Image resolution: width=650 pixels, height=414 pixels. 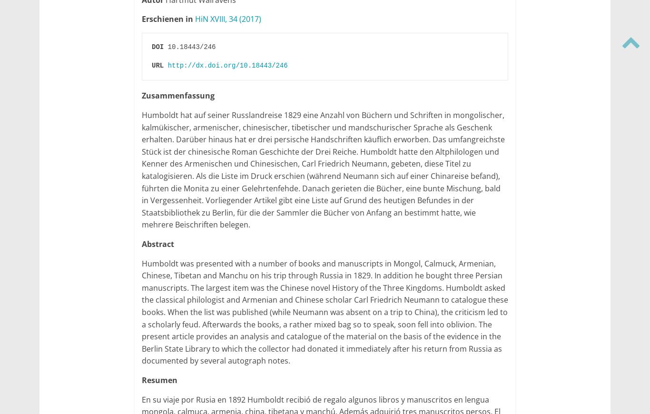 I want to click on 'Erschienen in', so click(x=167, y=19).